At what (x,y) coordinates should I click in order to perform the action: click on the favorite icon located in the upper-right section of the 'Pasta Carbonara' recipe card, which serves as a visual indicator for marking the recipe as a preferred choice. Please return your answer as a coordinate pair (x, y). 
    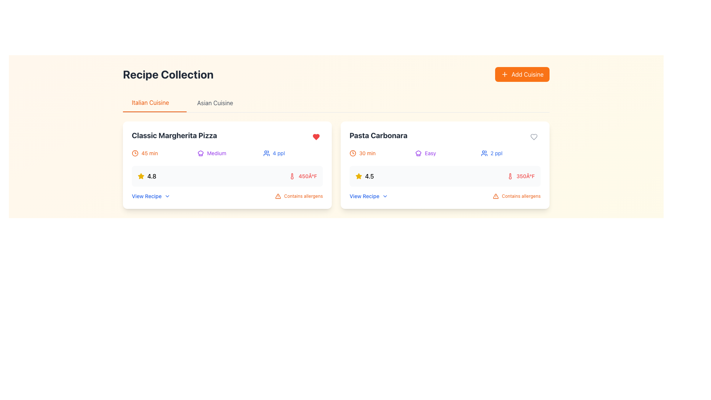
    Looking at the image, I should click on (534, 137).